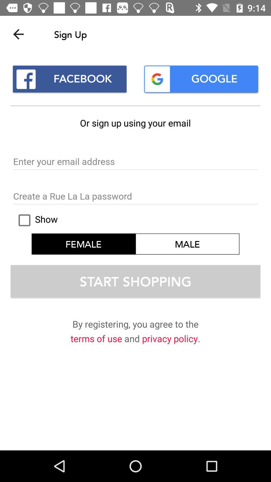 This screenshot has height=482, width=271. I want to click on the icon next to the female item, so click(187, 244).